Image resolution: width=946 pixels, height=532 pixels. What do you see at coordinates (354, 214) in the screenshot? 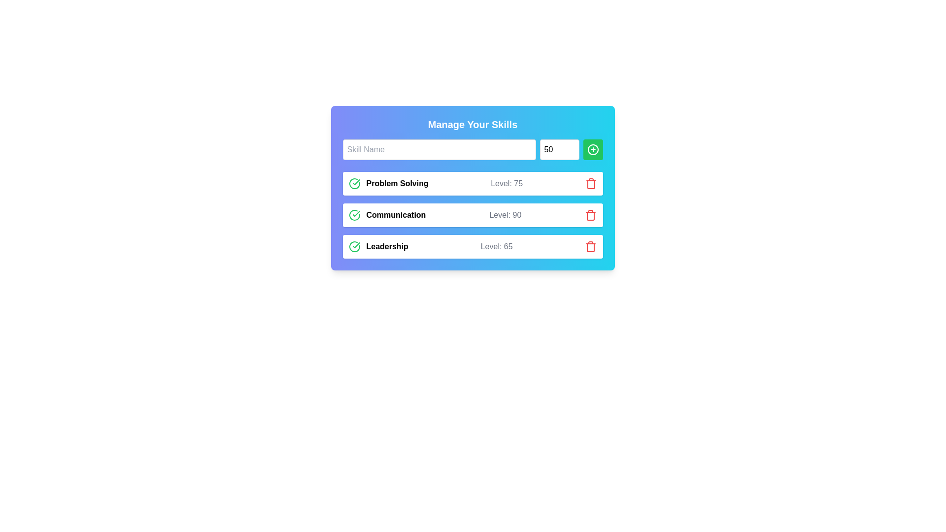
I see `the status represented by the completion icon located to the left of the 'Communication' text in the 'Manage Your Skills' panel` at bounding box center [354, 214].